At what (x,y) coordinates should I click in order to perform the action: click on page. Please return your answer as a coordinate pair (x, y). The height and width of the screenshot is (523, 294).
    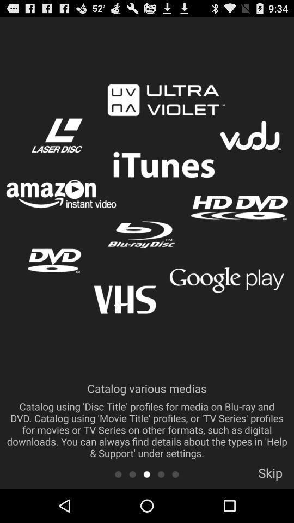
    Looking at the image, I should click on (146, 473).